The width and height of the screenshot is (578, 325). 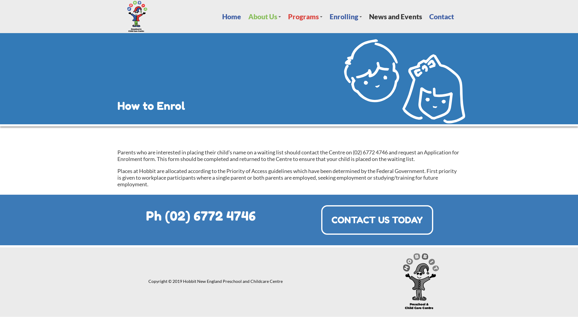 What do you see at coordinates (231, 16) in the screenshot?
I see `'Home'` at bounding box center [231, 16].